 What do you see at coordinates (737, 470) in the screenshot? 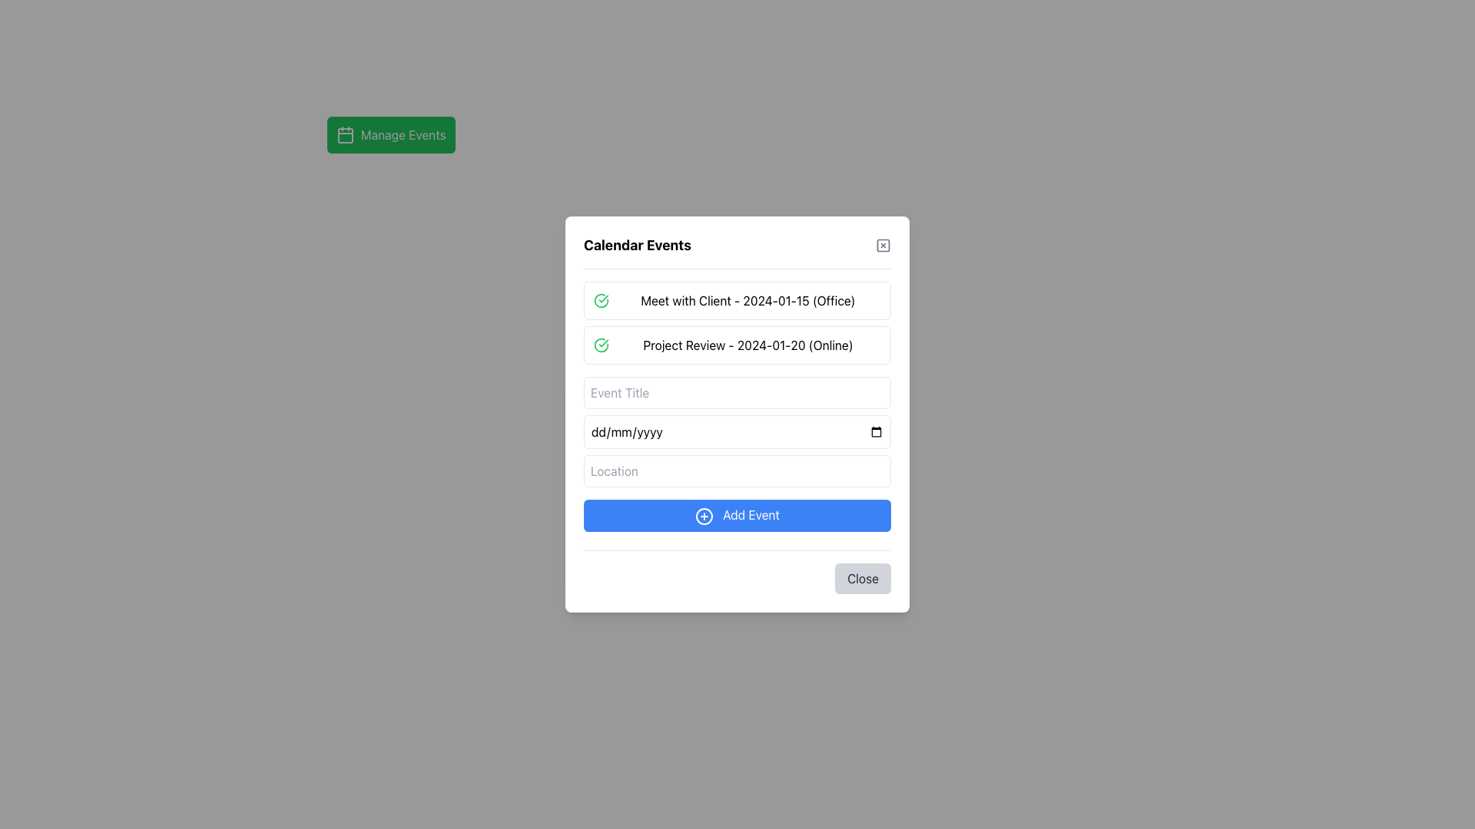
I see `the third input field under the 'Calendar Events' section to focus it for entering a location` at bounding box center [737, 470].